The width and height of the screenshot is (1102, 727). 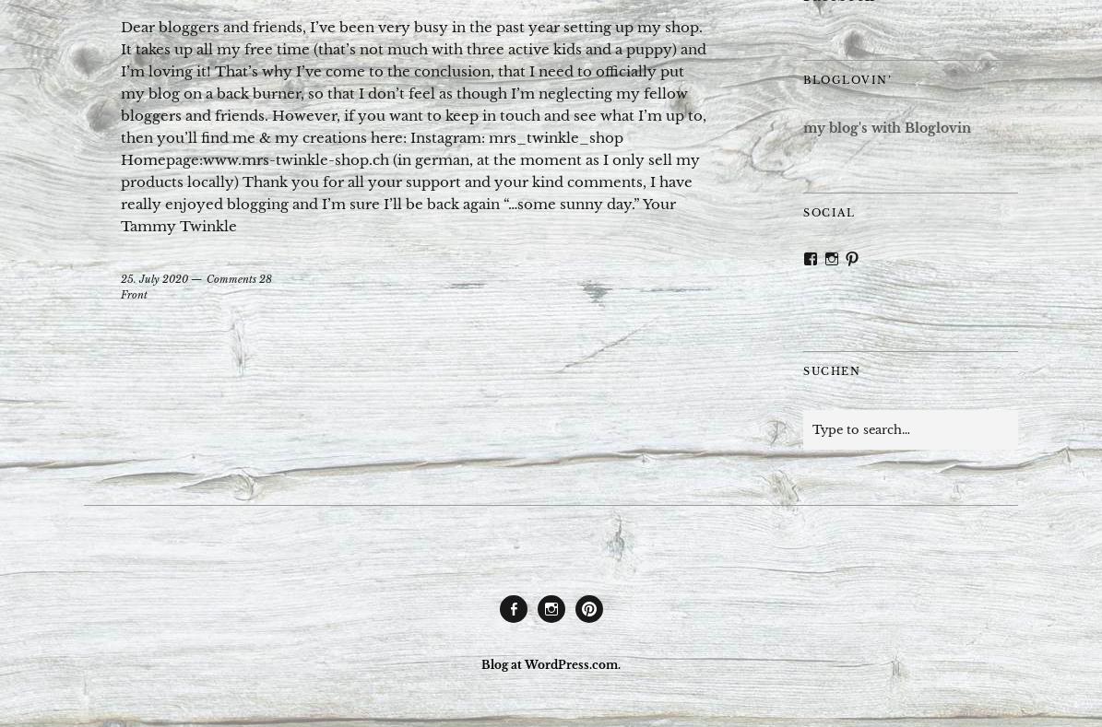 I want to click on 'Comments 28', so click(x=238, y=278).